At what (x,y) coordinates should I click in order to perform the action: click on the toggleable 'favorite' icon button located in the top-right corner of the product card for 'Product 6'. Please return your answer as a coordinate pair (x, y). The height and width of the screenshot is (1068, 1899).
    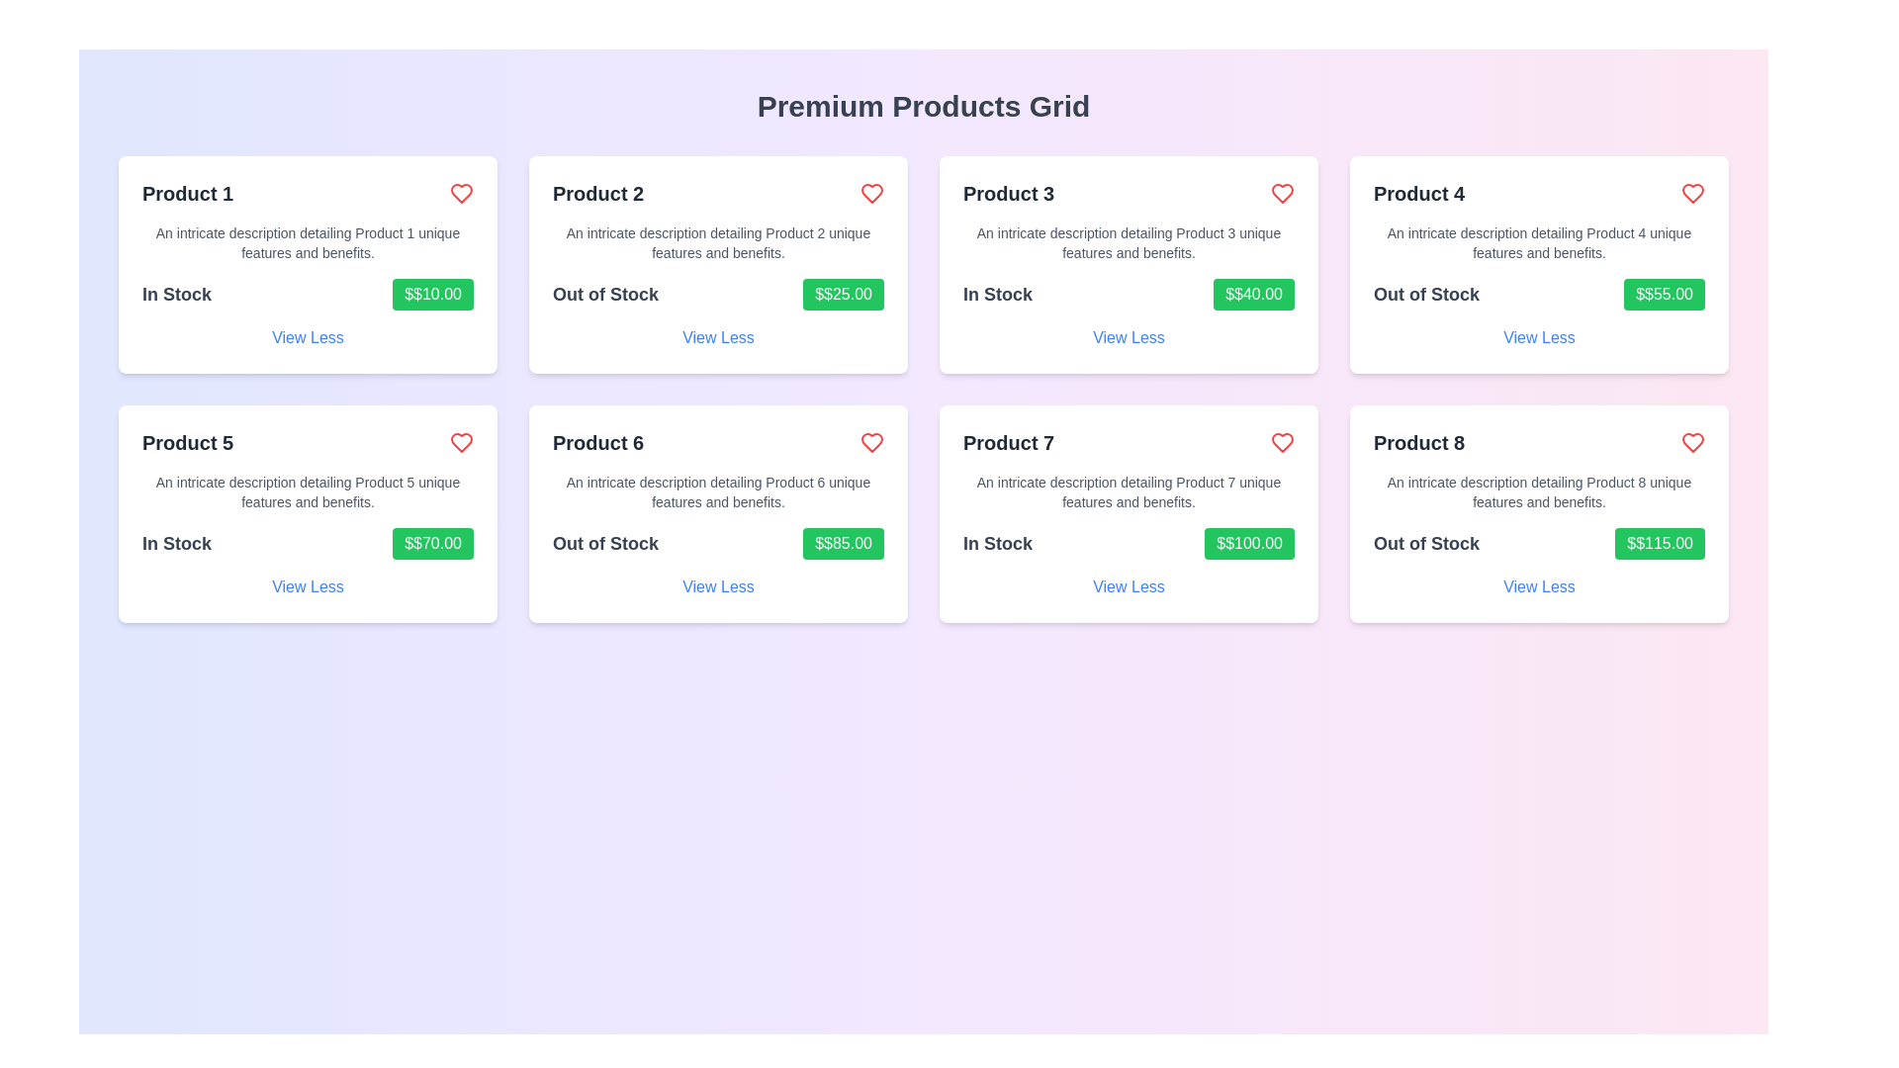
    Looking at the image, I should click on (871, 441).